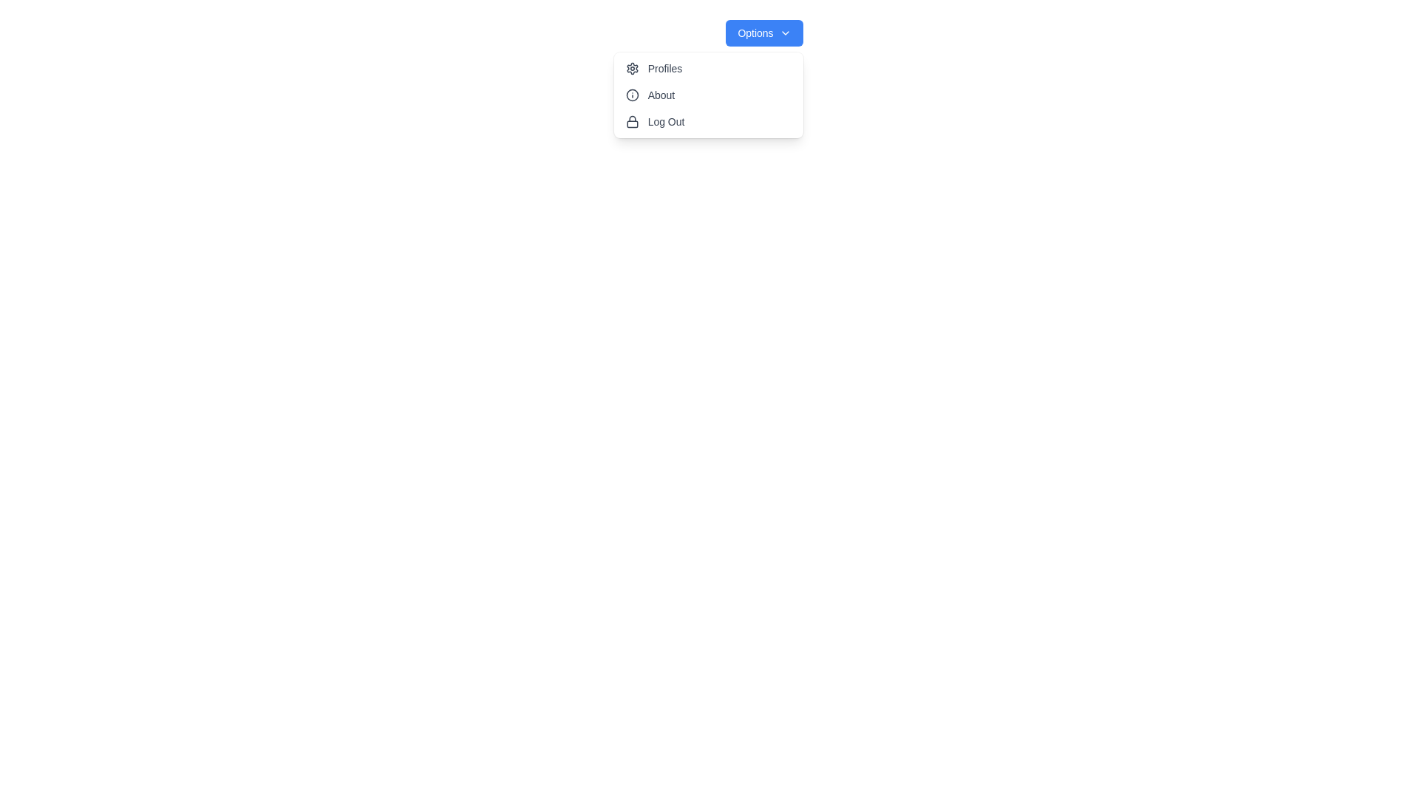  What do you see at coordinates (784, 33) in the screenshot?
I see `the chevron-down icon located at the far right end of the 'Options' button to indicate dropdown functionality` at bounding box center [784, 33].